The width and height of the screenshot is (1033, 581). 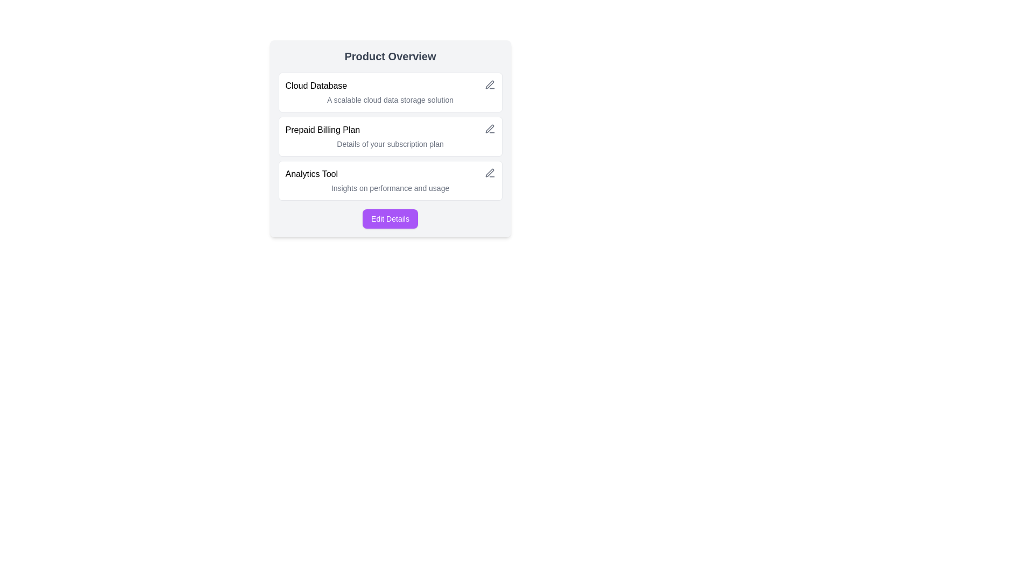 What do you see at coordinates (311, 174) in the screenshot?
I see `the static text label displaying 'Analytics Tool', which is styled in bold font and is located in the 'Product Overview' section as the third item in a vertical list` at bounding box center [311, 174].